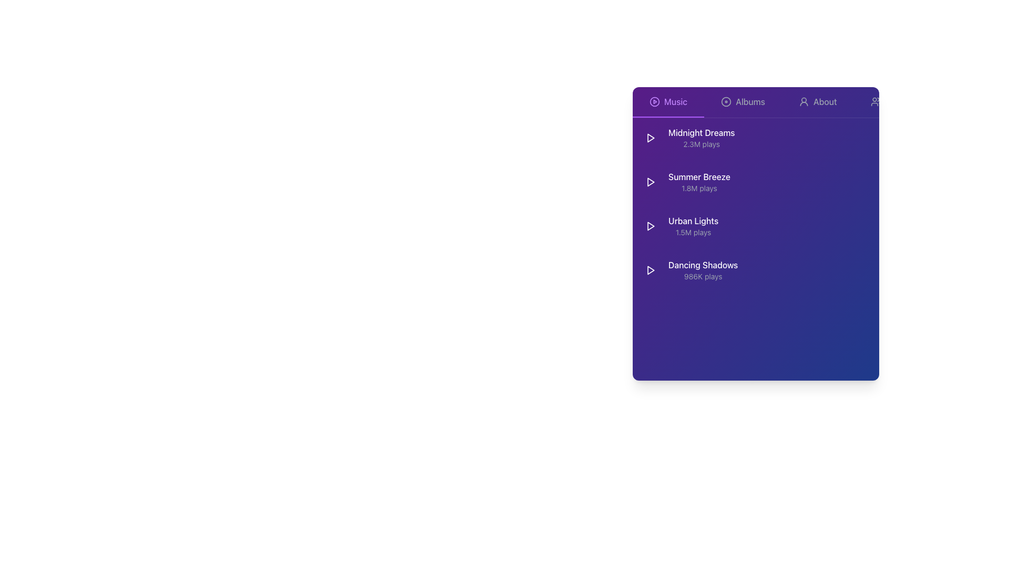 This screenshot has height=567, width=1009. What do you see at coordinates (793, 182) in the screenshot?
I see `the SVG circle element representing a decorative or functional component for 'Summer Breeze', which is part of a circular design including a play button` at bounding box center [793, 182].